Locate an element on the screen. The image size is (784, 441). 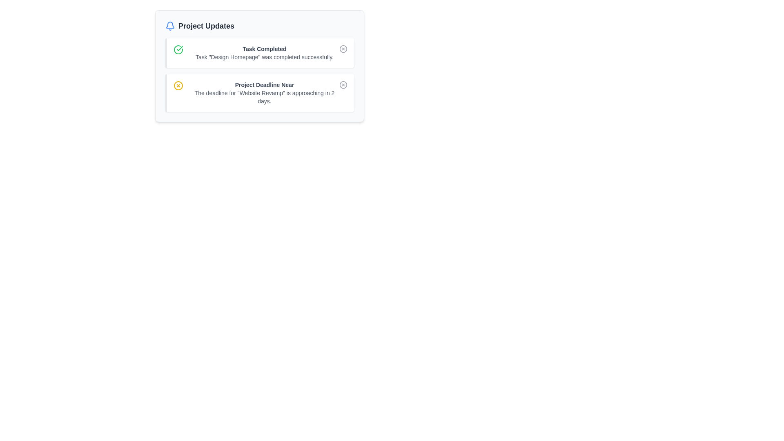
the circular element within the SVG that indicates a negative or warning state, located at the right side of the second item in the notification list is located at coordinates (343, 85).